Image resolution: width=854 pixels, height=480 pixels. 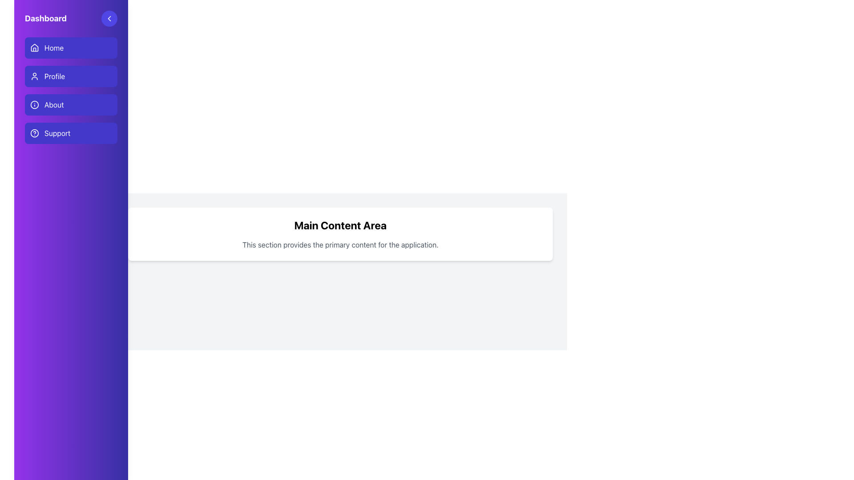 What do you see at coordinates (109, 19) in the screenshot?
I see `the circular button with a purple background and a white left-pointing arrow icon located near the top of the left sidebar, to the right of the 'Dashboard' text label` at bounding box center [109, 19].